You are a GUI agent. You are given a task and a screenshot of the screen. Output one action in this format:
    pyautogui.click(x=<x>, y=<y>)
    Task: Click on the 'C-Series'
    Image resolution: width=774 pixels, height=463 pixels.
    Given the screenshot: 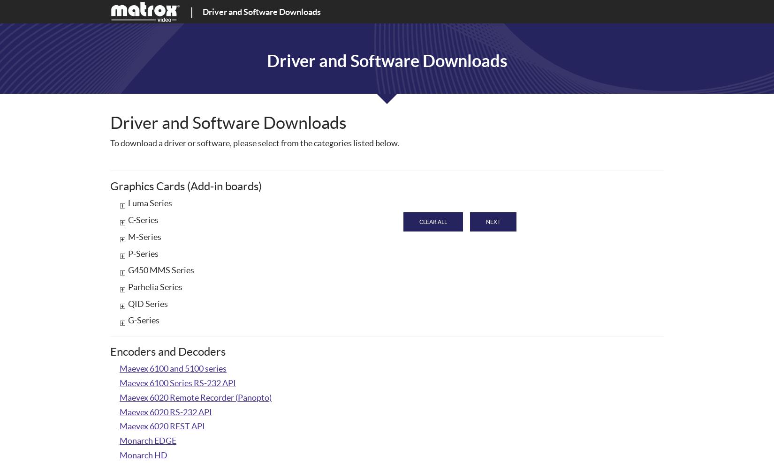 What is the action you would take?
    pyautogui.click(x=143, y=220)
    